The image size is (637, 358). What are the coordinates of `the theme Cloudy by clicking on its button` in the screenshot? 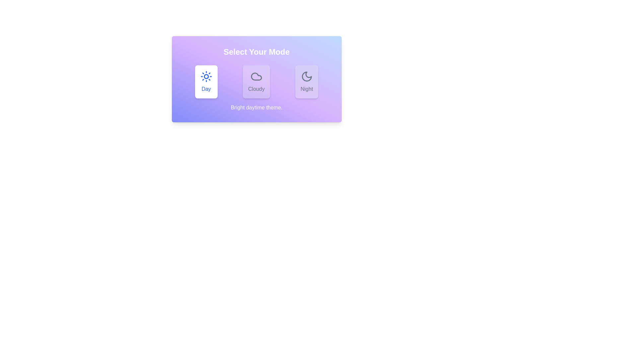 It's located at (256, 81).